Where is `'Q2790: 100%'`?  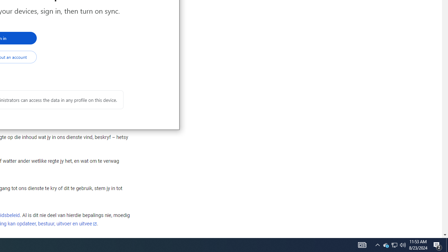 'Q2790: 100%' is located at coordinates (403, 244).